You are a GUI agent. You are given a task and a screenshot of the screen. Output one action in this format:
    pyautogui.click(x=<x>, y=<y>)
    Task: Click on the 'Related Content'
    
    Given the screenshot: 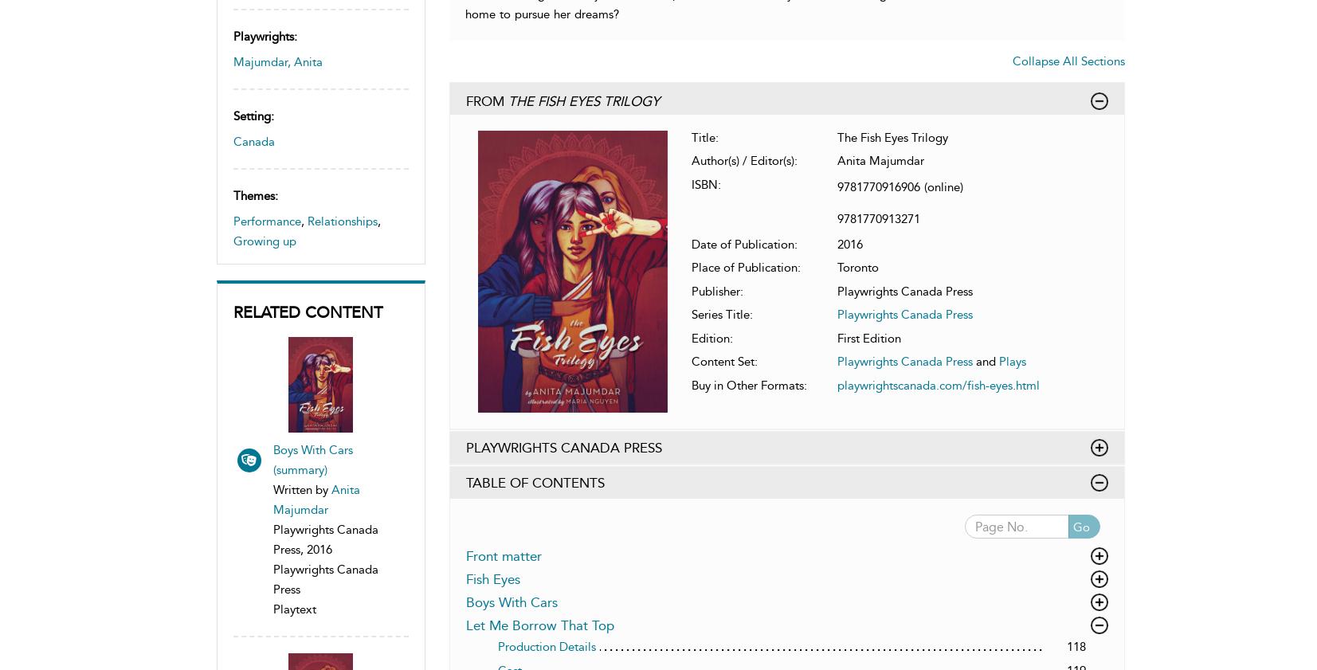 What is the action you would take?
    pyautogui.click(x=306, y=311)
    